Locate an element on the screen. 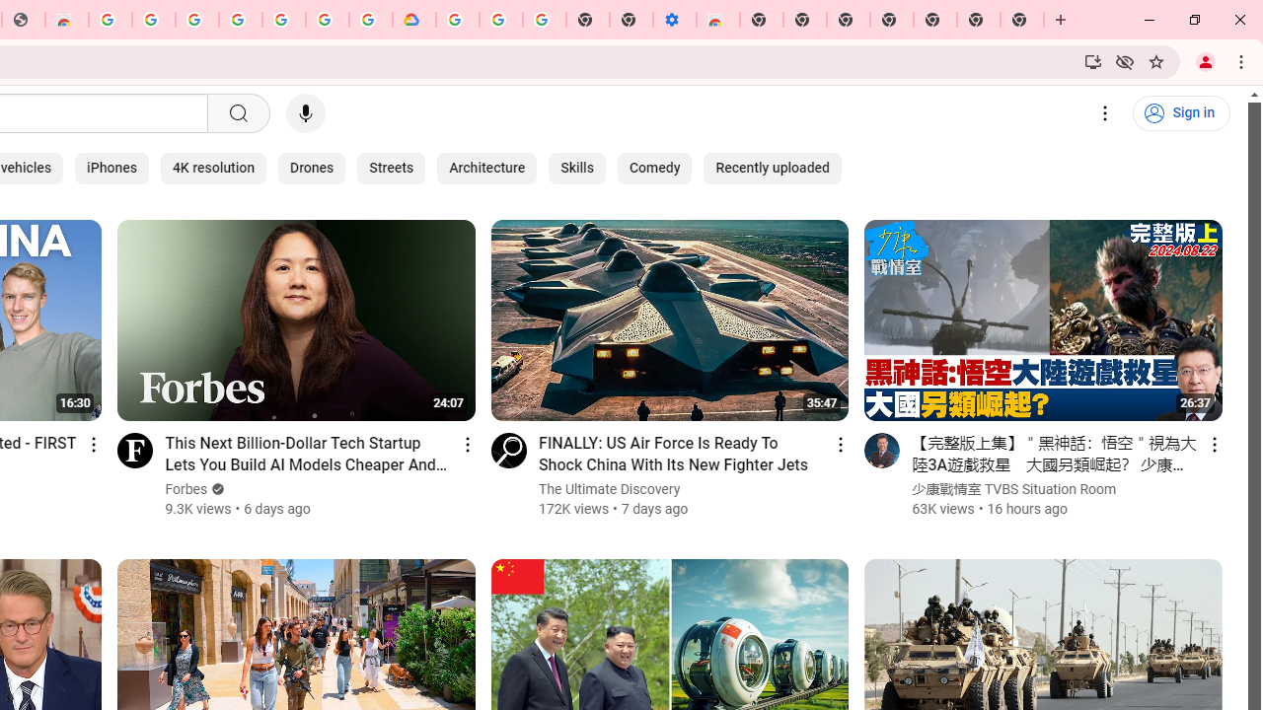  'Search with your voice' is located at coordinates (304, 113).